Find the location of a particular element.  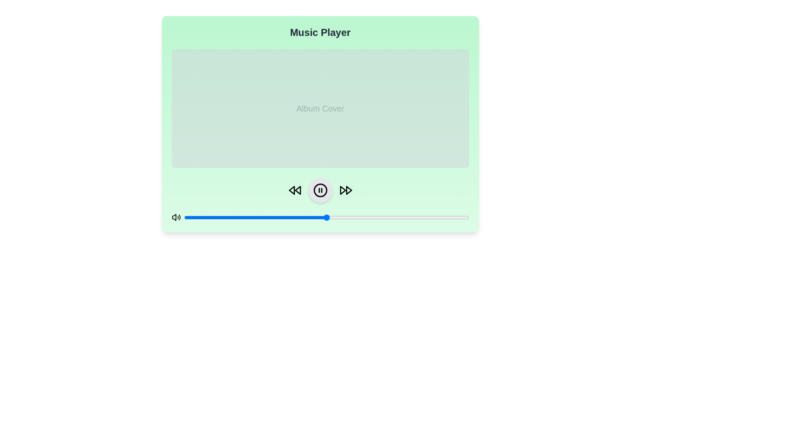

the slider position is located at coordinates (261, 217).